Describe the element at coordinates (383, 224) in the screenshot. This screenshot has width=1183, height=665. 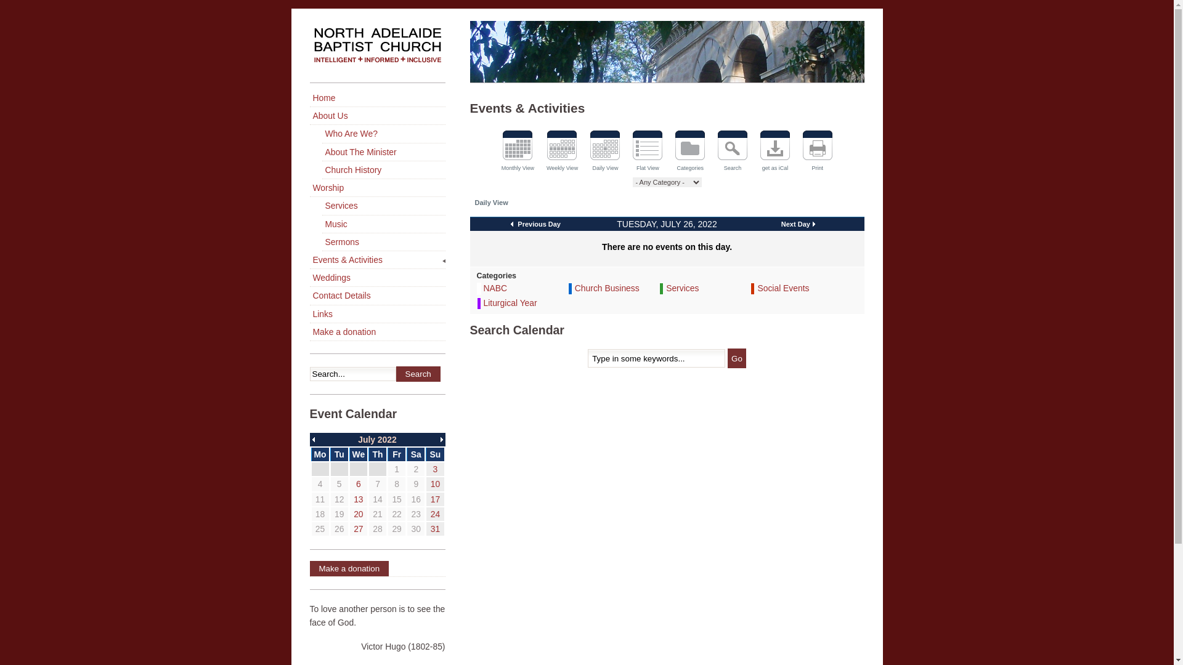
I see `'Music'` at that location.